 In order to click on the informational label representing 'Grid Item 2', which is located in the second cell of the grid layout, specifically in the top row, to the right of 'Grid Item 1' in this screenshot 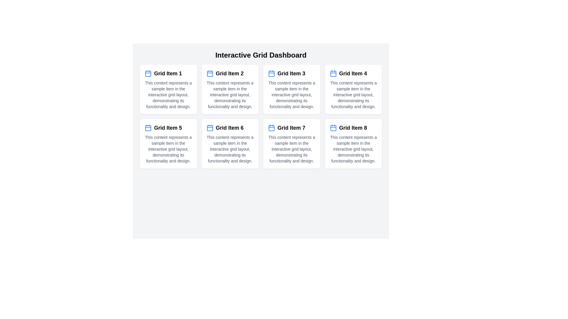, I will do `click(229, 73)`.